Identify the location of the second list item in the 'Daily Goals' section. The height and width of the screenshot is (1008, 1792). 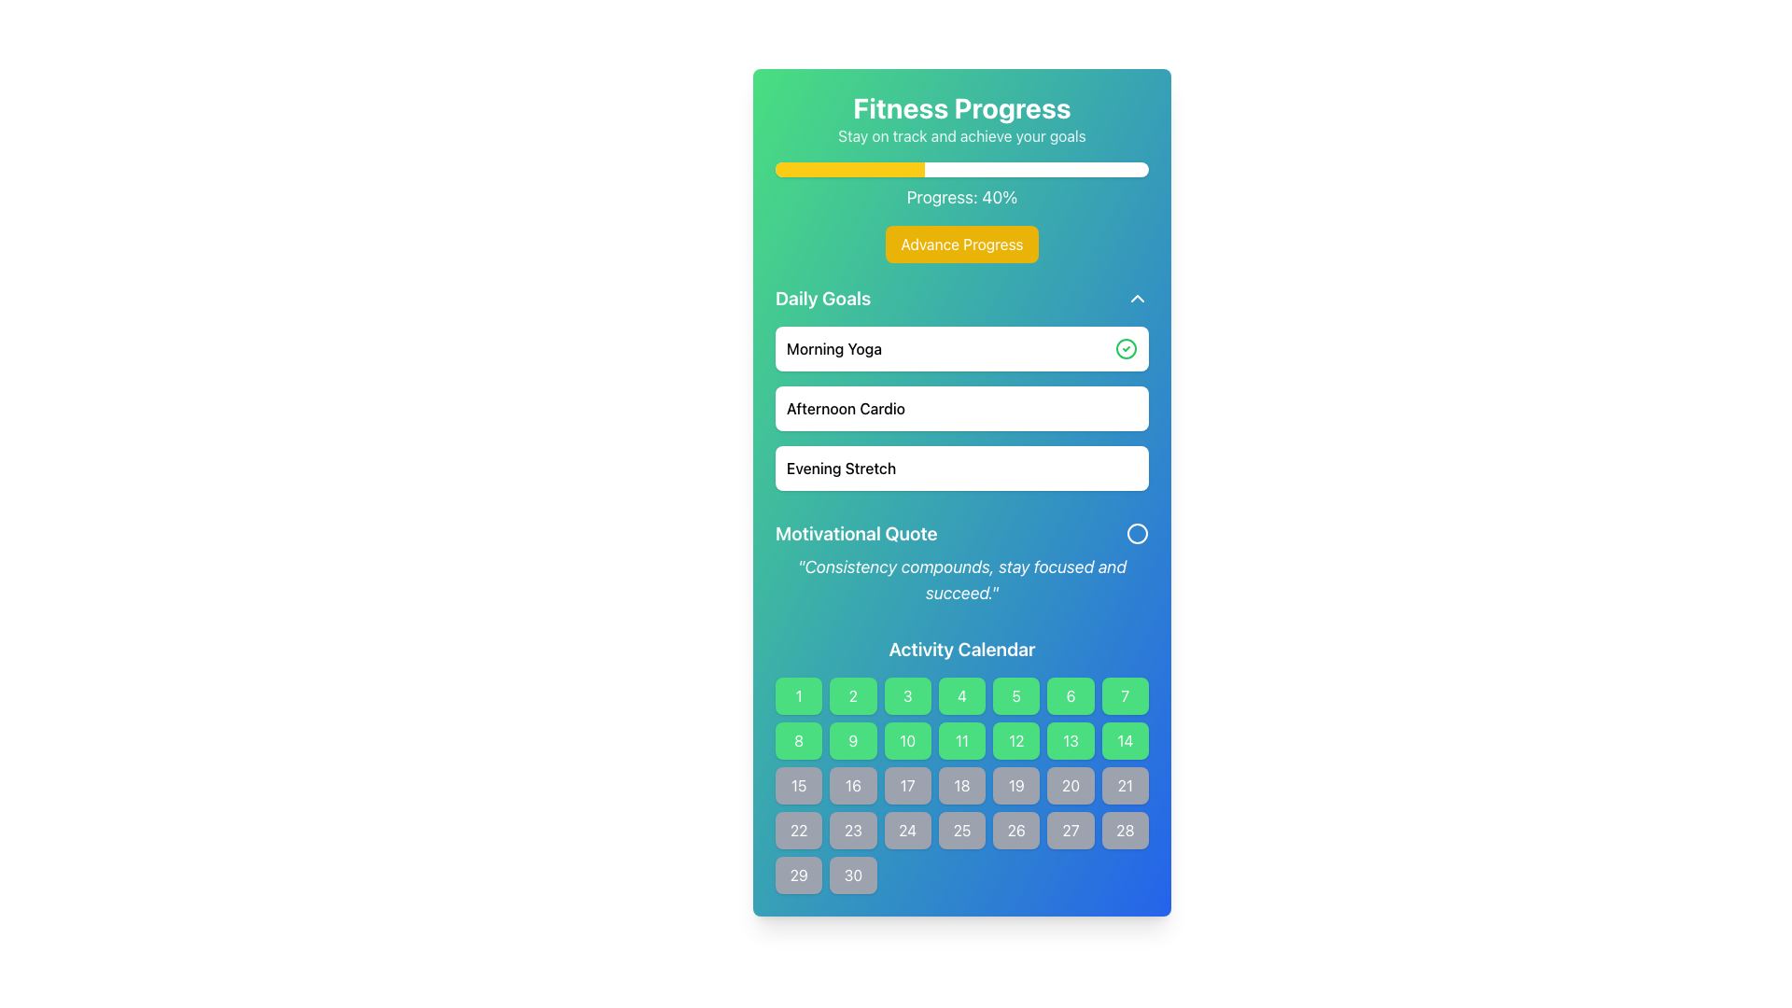
(962, 408).